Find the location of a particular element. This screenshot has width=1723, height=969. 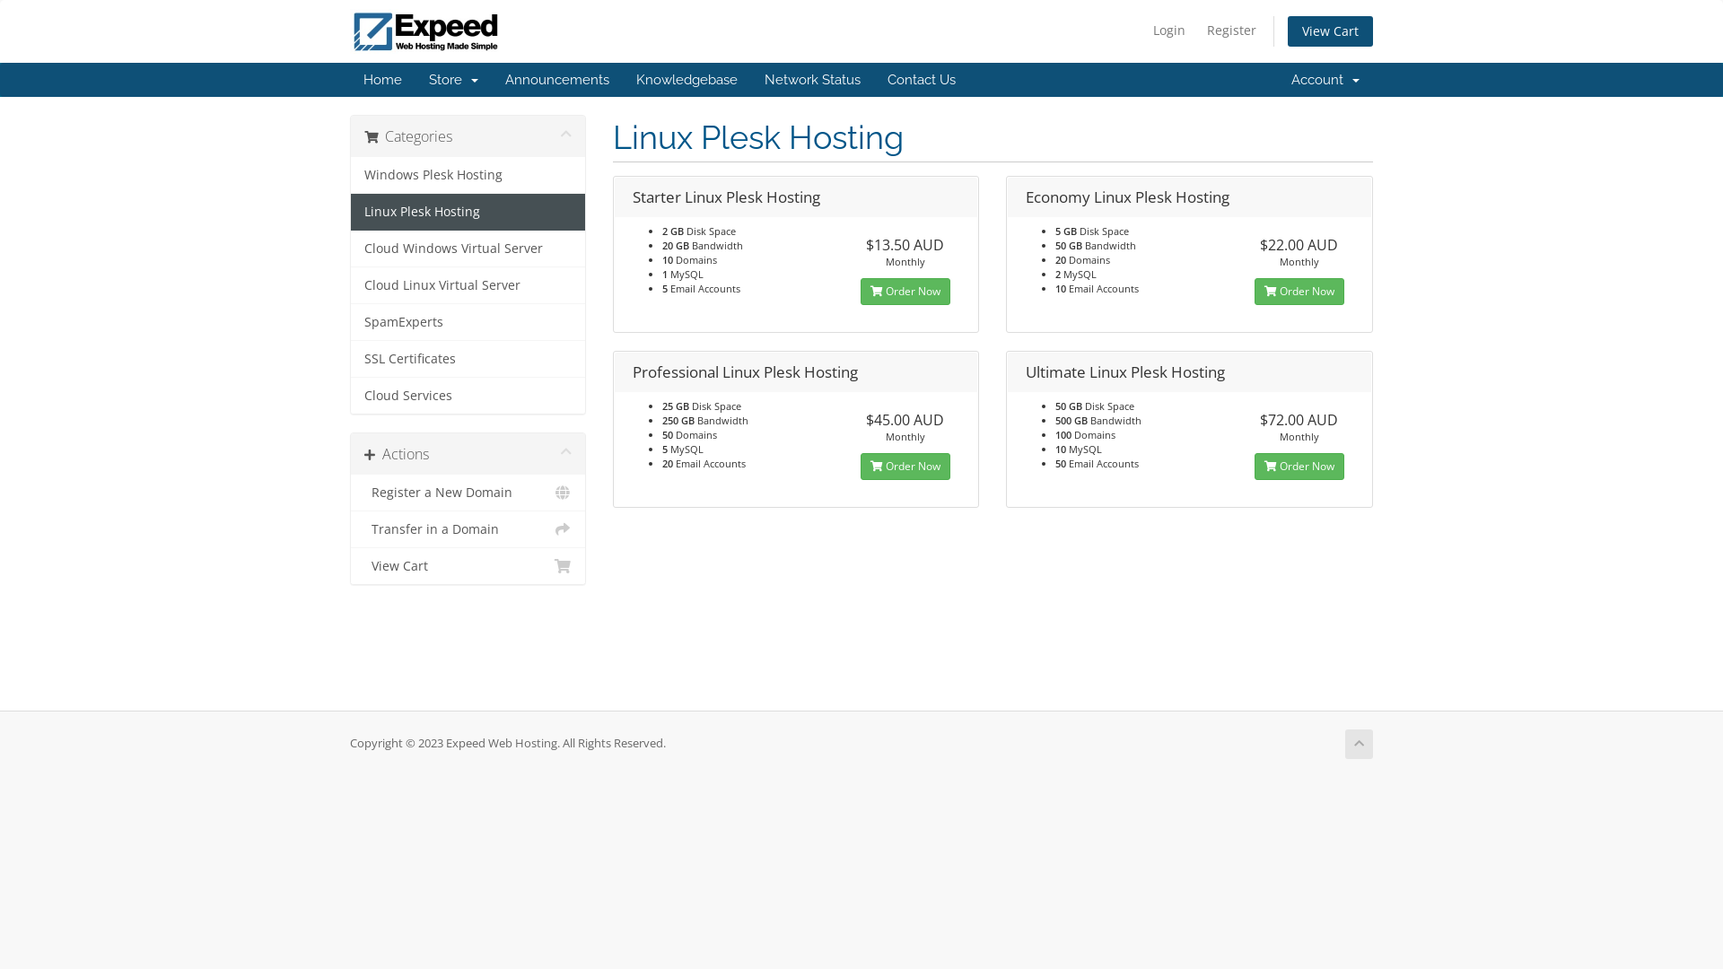

'Order Now' is located at coordinates (1299, 466).